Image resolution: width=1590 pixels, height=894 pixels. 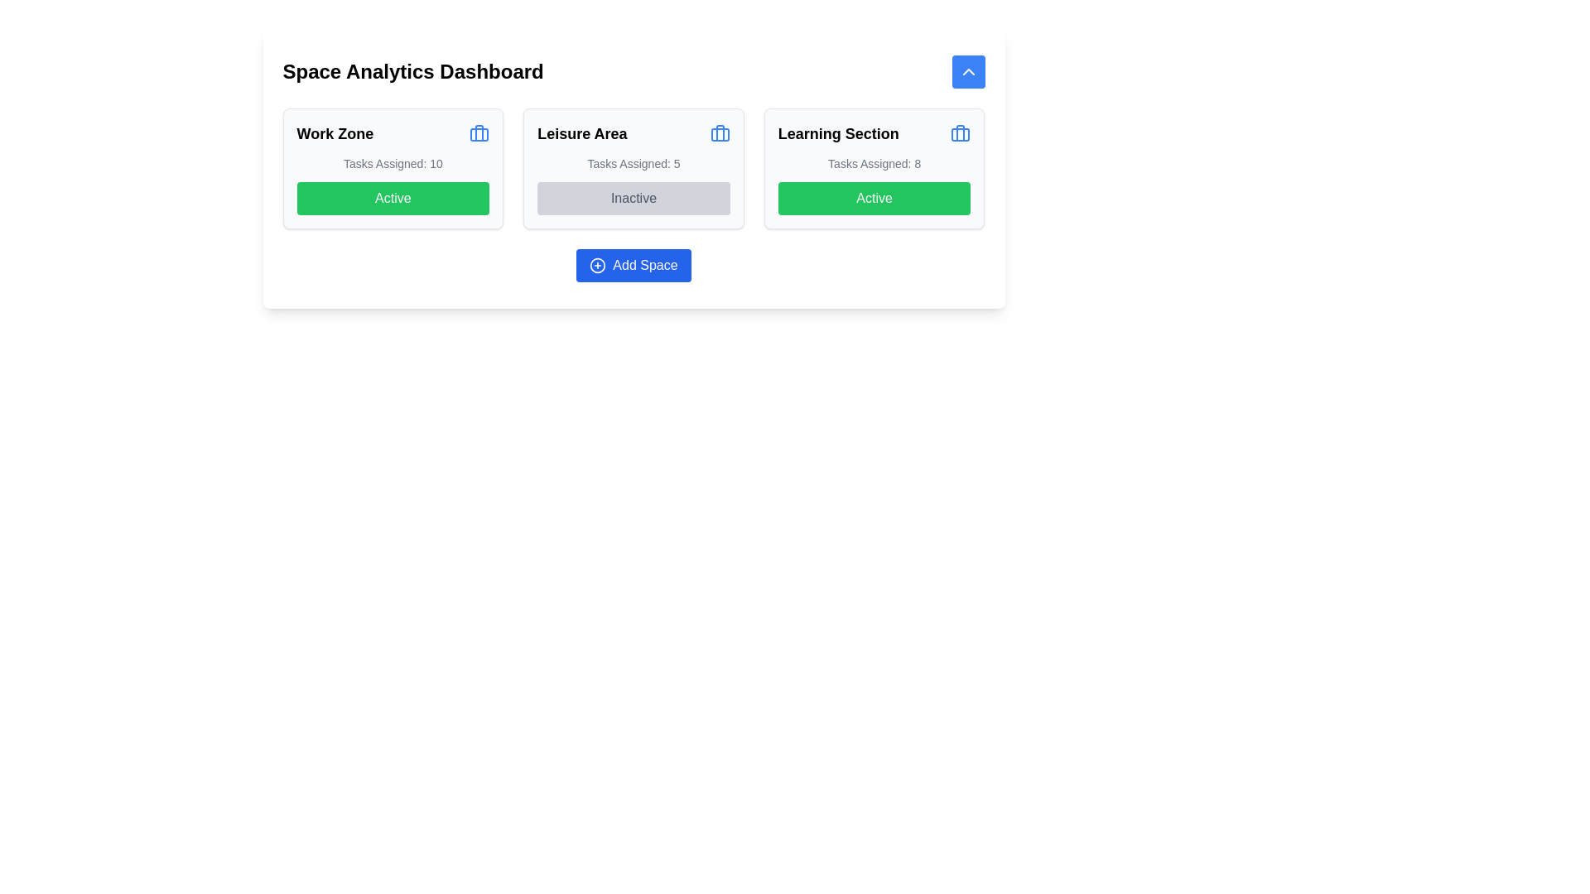 What do you see at coordinates (633, 264) in the screenshot?
I see `the button located below the sections labeled 'Work Zone', 'Leisure Area', and 'Learning Section'` at bounding box center [633, 264].